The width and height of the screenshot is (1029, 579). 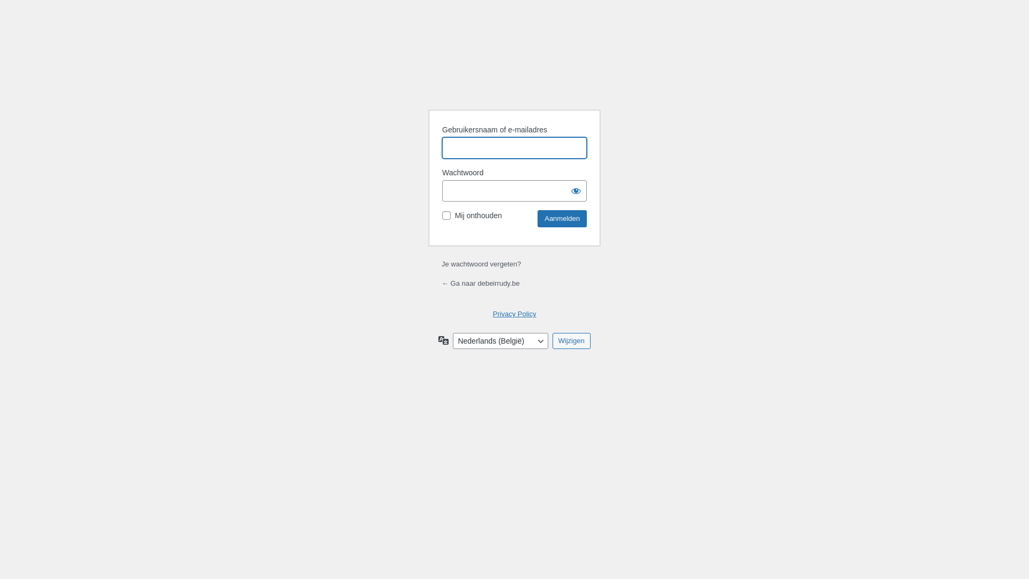 I want to click on 'Aanmelden', so click(x=562, y=218).